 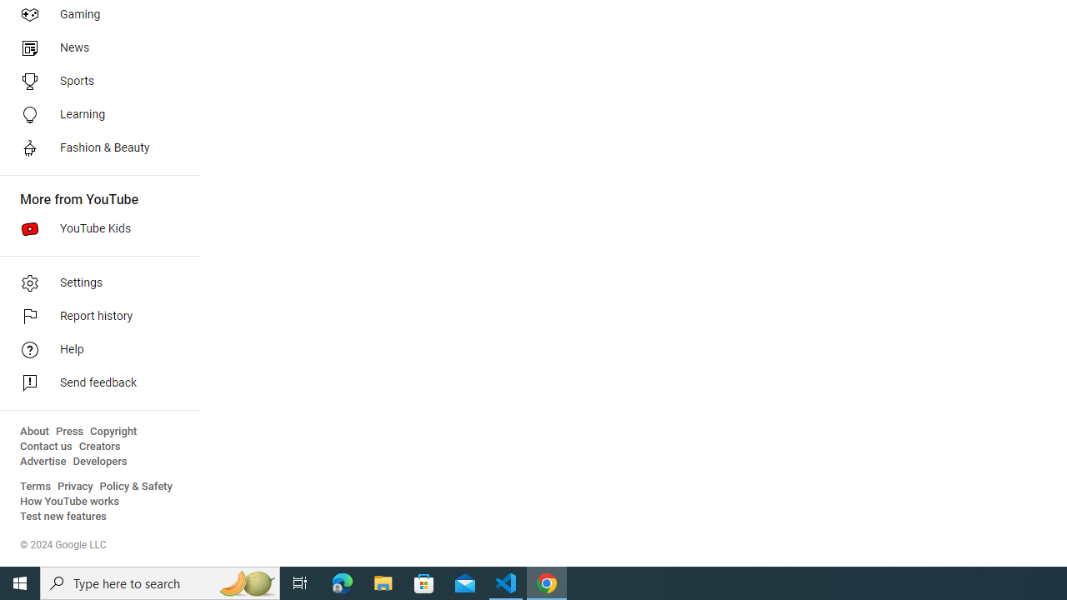 I want to click on 'Fashion & Beauty', so click(x=93, y=147).